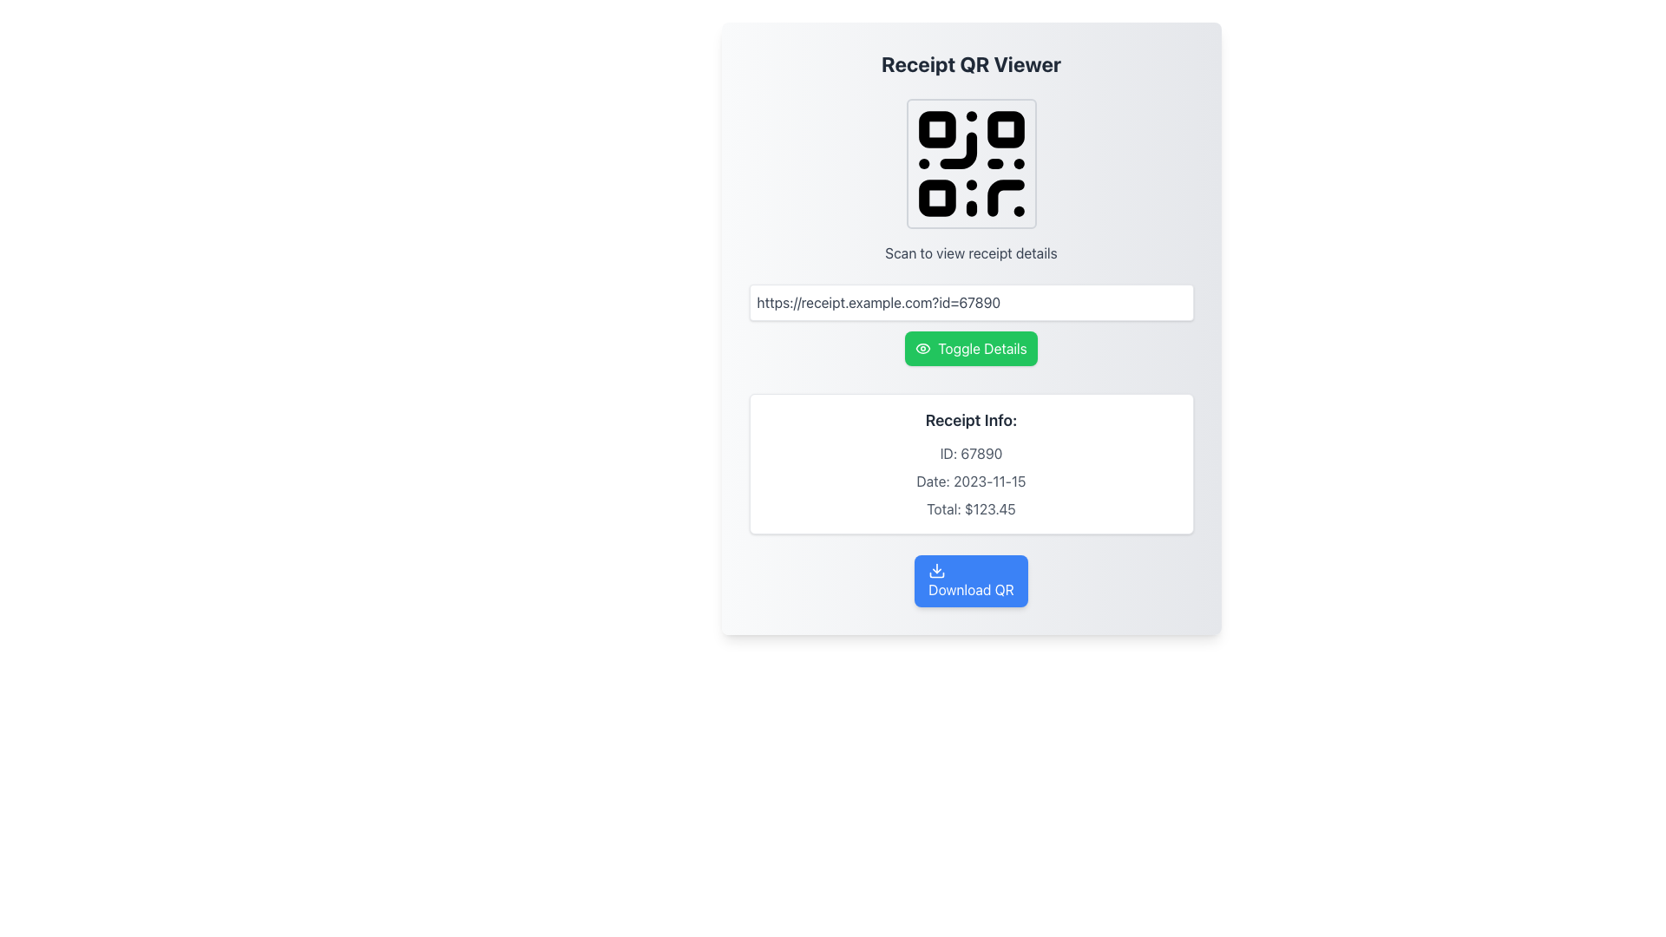 The image size is (1666, 937). I want to click on the static text display that shows 'Date: 2023-11-15', which is positioned between 'ID: 67890' and 'Total: $123.45' in the receipt details section, so click(970, 482).